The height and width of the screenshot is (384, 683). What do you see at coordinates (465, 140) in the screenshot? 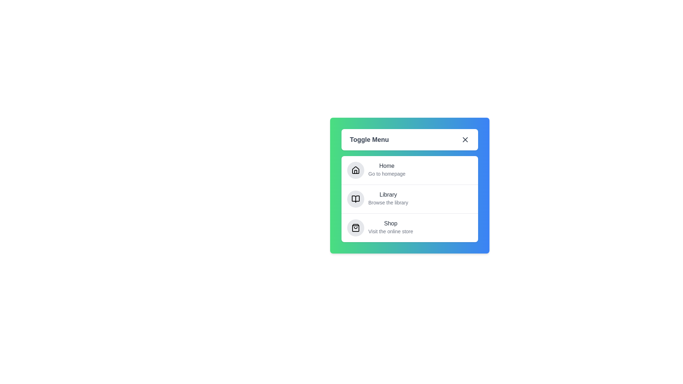
I see `the close icon ('X') to collapse the menu` at bounding box center [465, 140].